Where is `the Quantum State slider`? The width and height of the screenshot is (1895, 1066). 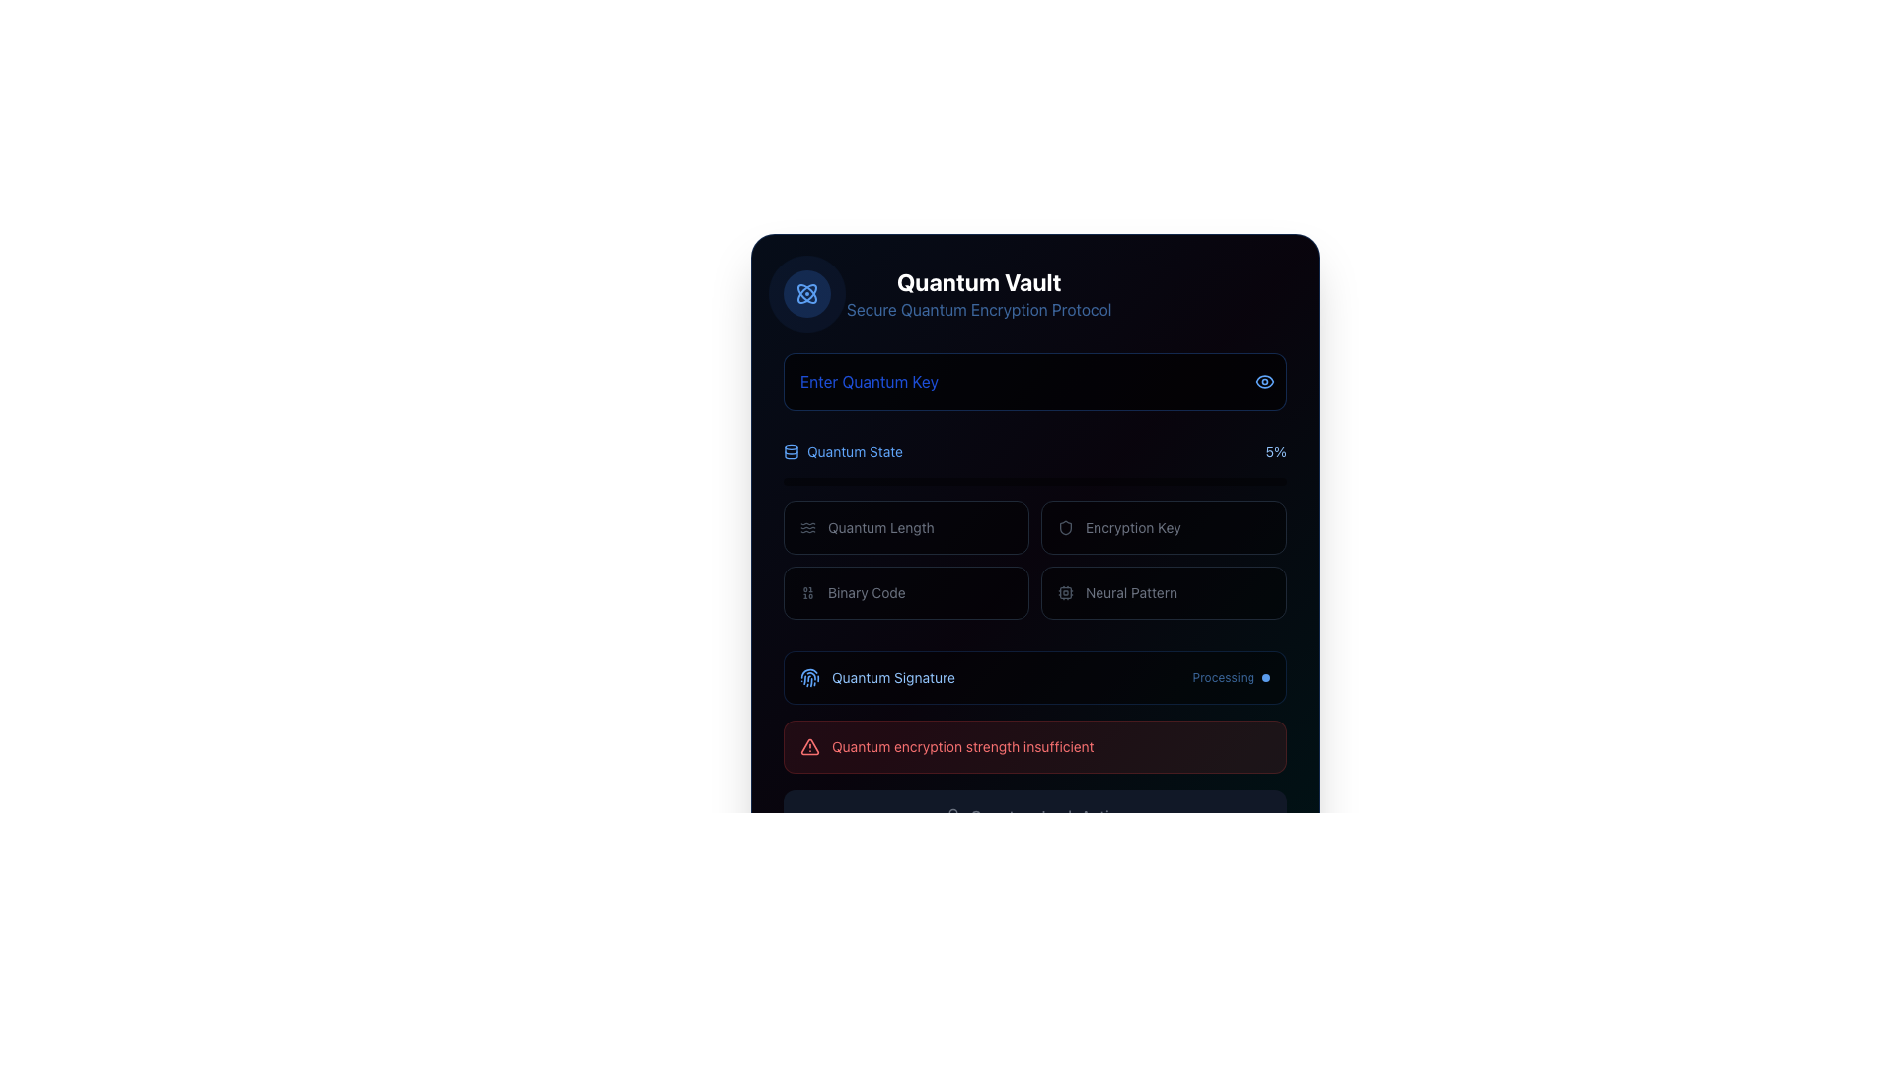 the Quantum State slider is located at coordinates (1000, 482).